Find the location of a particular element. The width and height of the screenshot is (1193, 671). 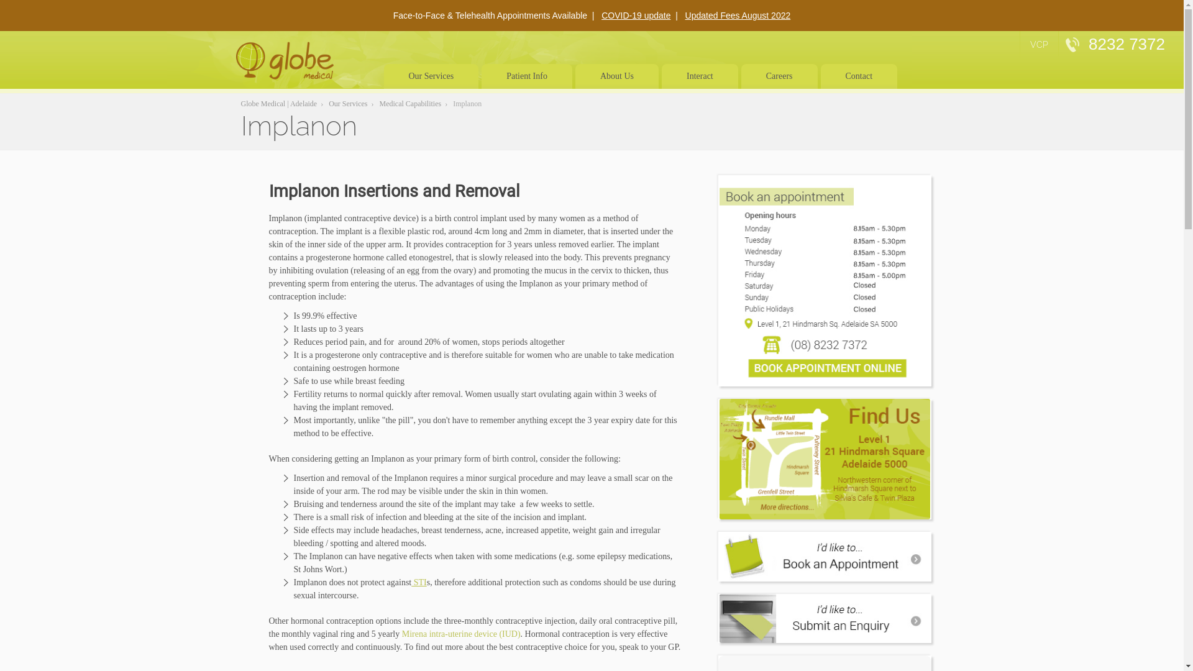

'COVID-19 update' is located at coordinates (636, 15).